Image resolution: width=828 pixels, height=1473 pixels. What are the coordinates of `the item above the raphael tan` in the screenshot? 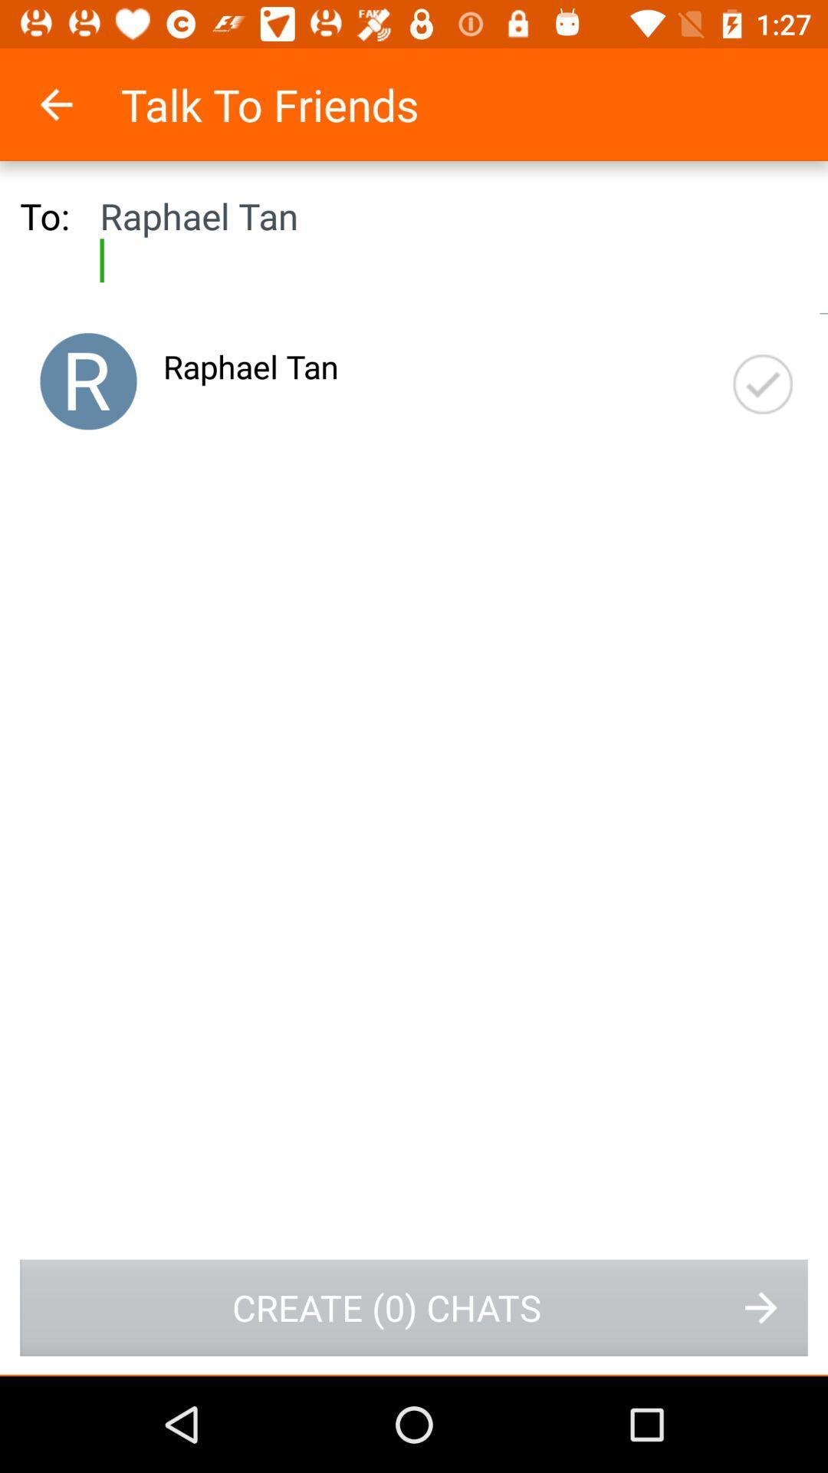 It's located at (76, 104).